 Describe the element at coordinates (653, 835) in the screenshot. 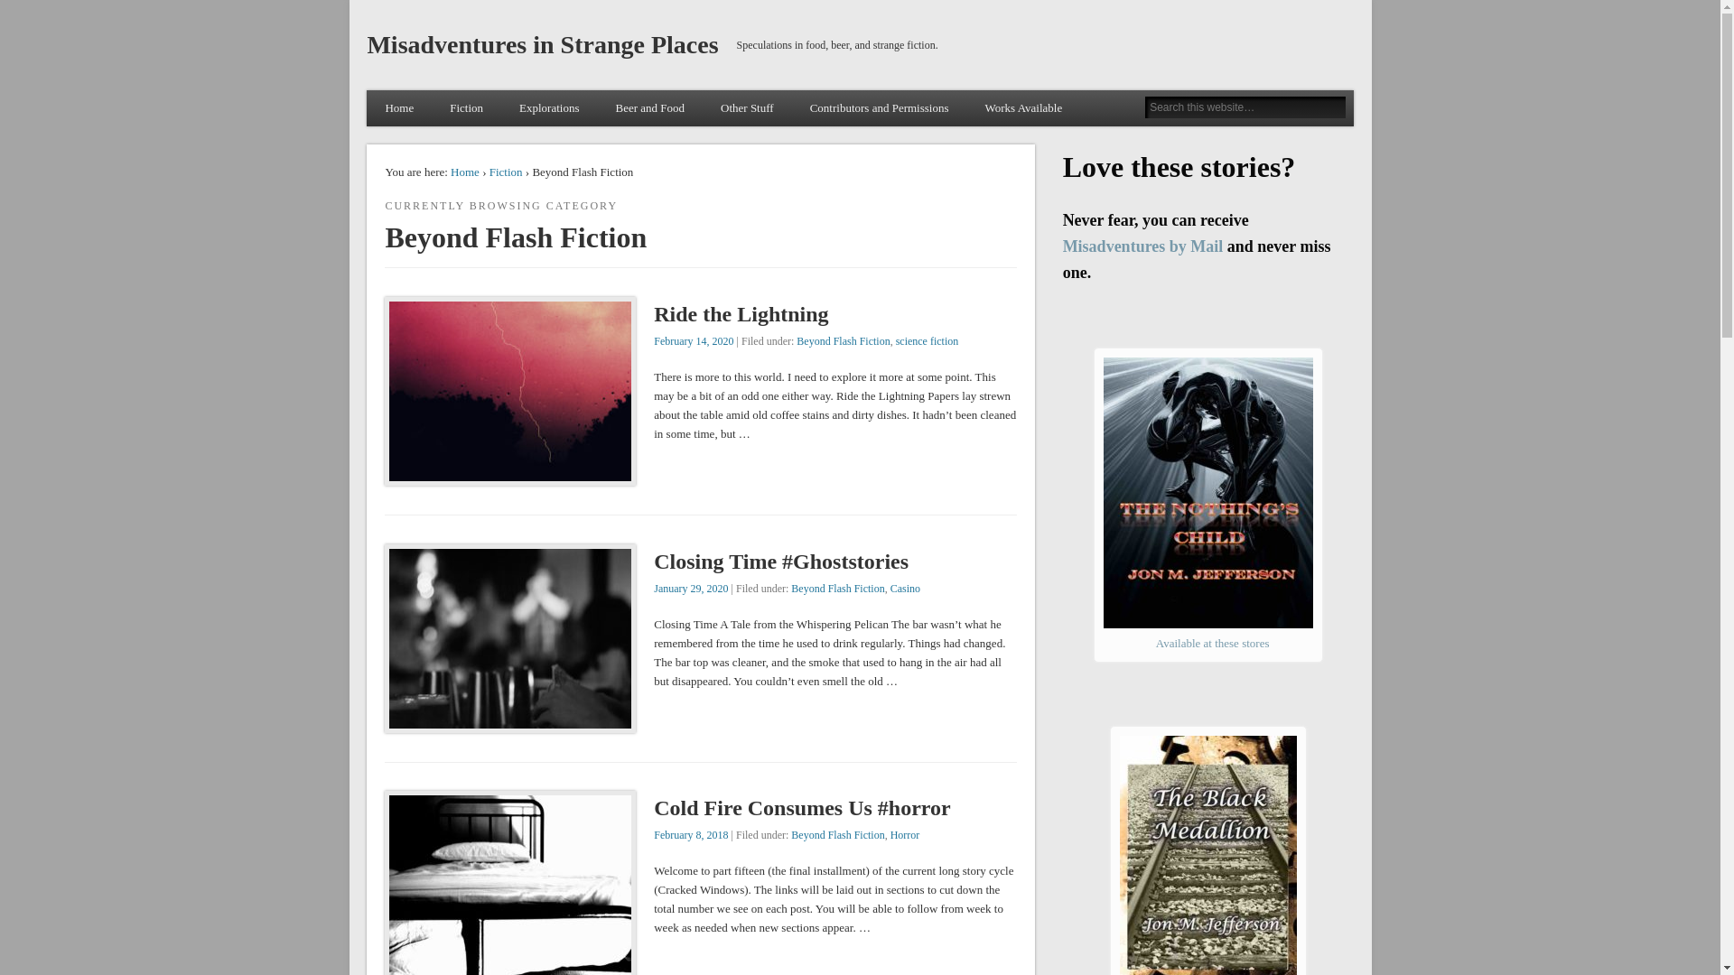

I see `'February 8, 2018'` at that location.